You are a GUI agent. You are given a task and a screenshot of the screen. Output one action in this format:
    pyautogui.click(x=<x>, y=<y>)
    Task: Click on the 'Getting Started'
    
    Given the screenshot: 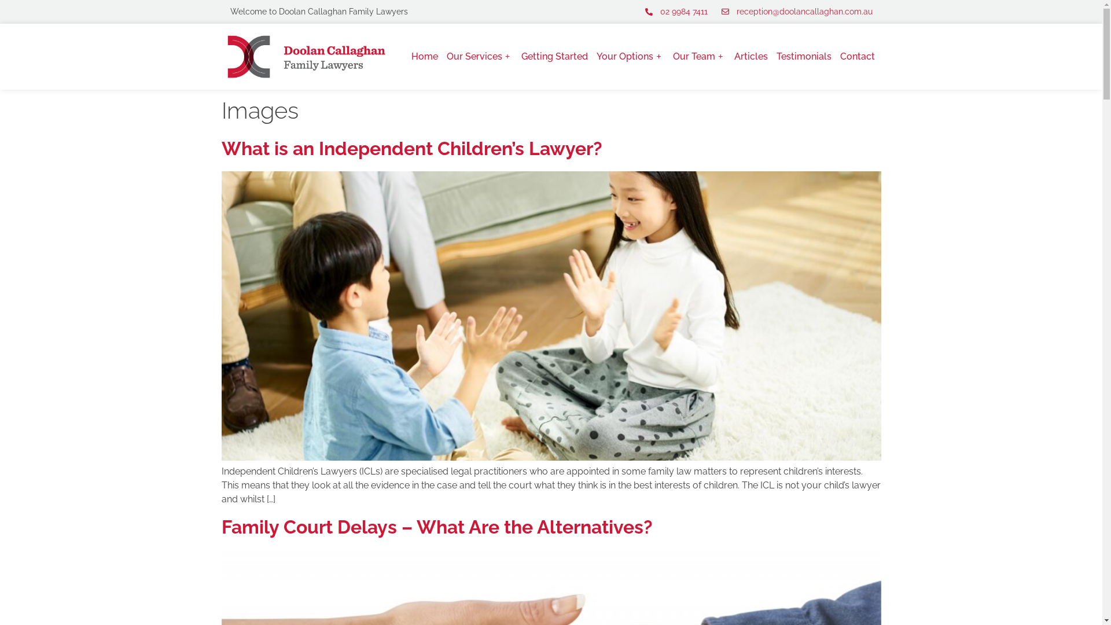 What is the action you would take?
    pyautogui.click(x=554, y=56)
    